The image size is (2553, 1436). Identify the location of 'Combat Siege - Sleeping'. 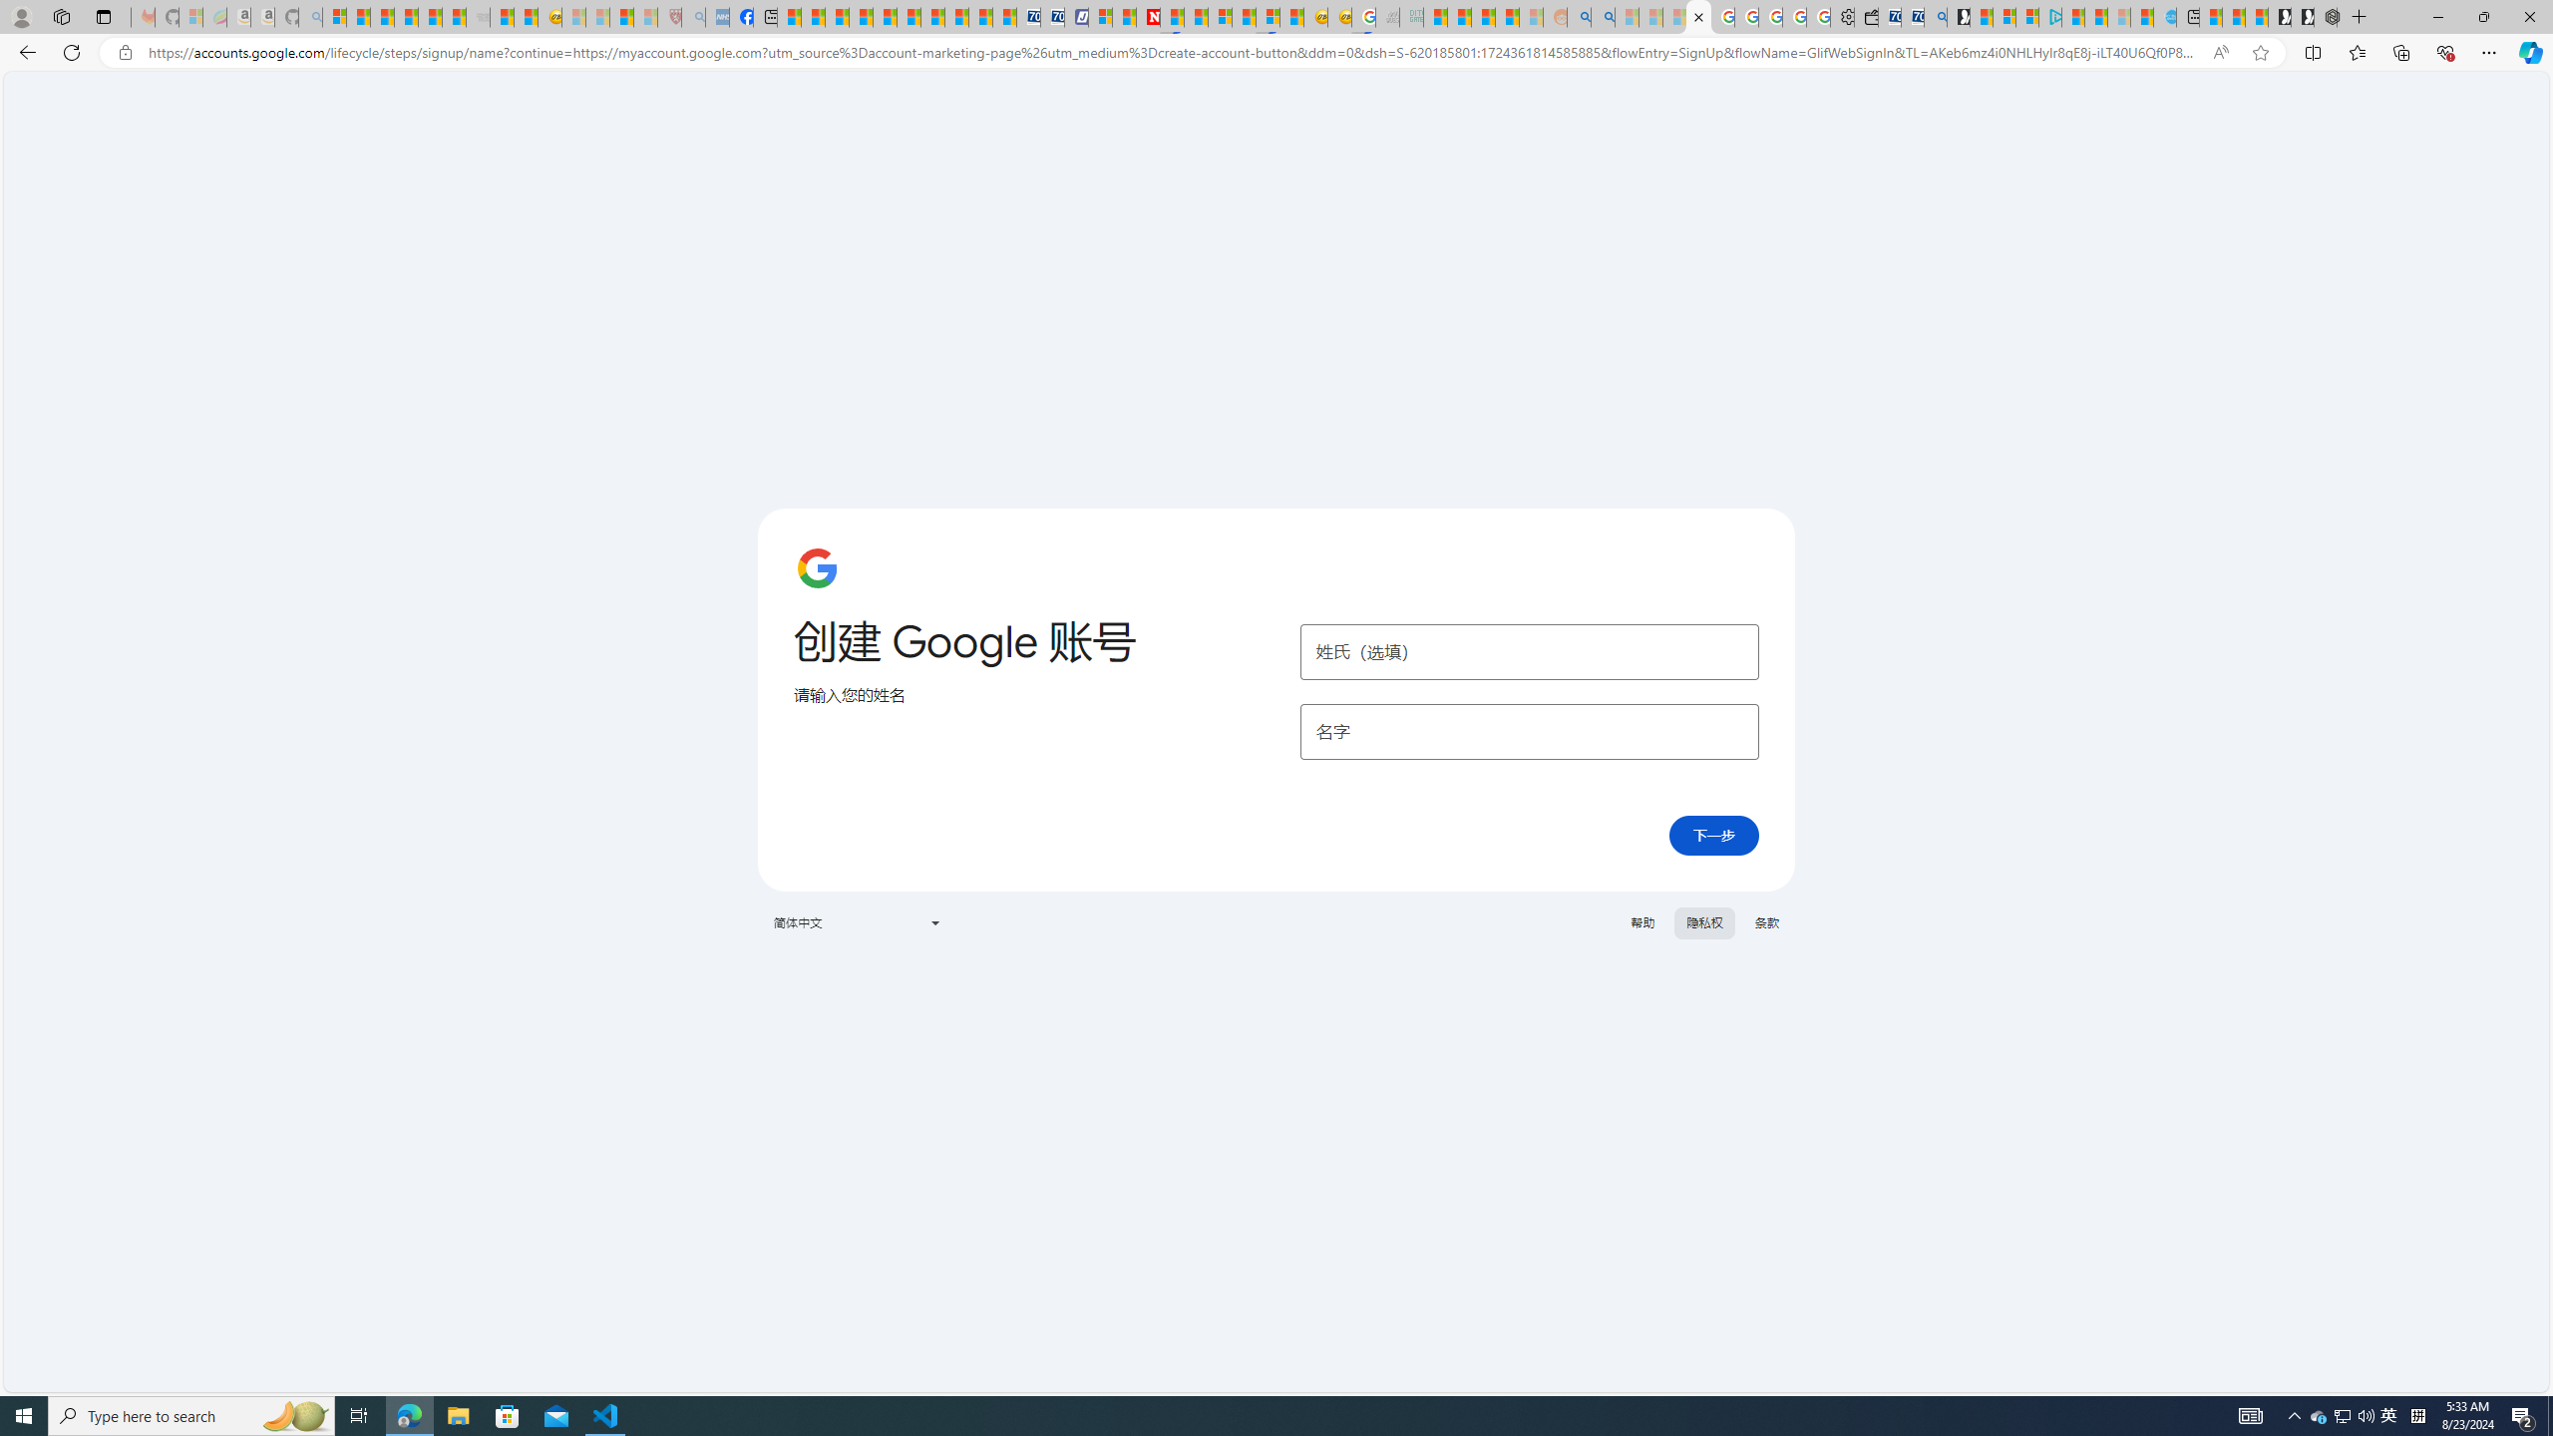
(476, 16).